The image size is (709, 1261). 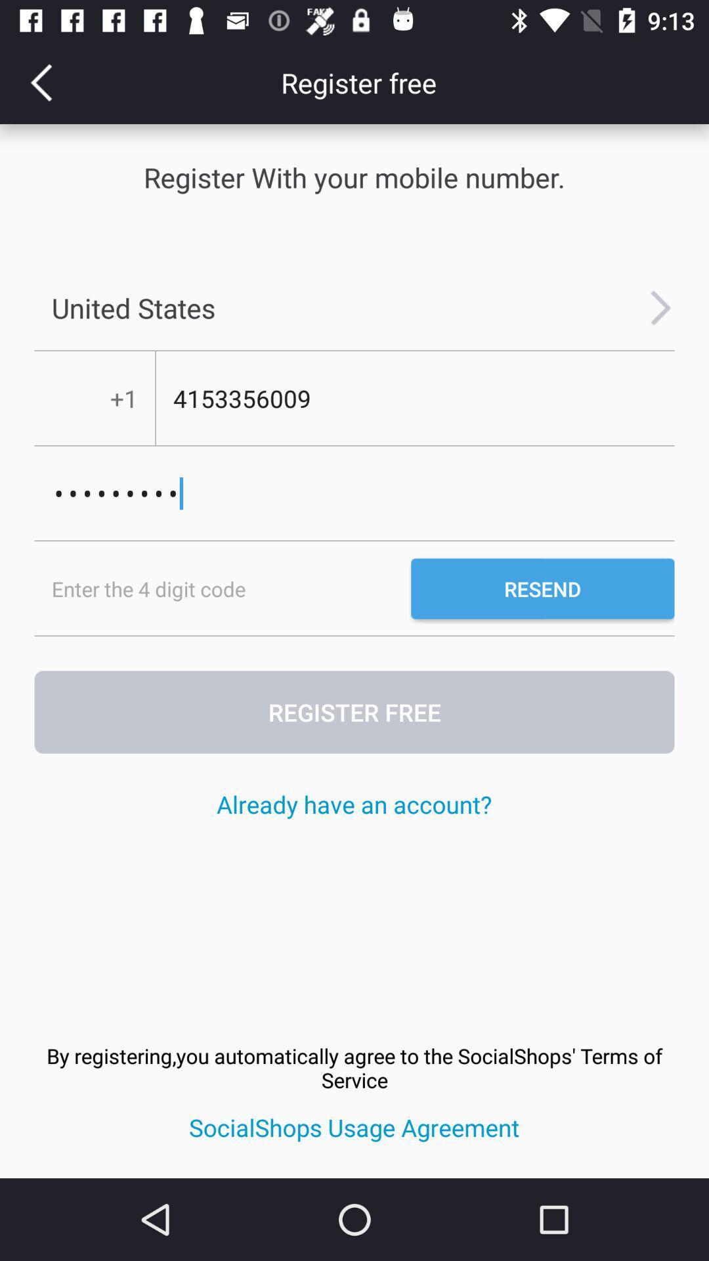 What do you see at coordinates (222, 588) in the screenshot?
I see `the code section` at bounding box center [222, 588].